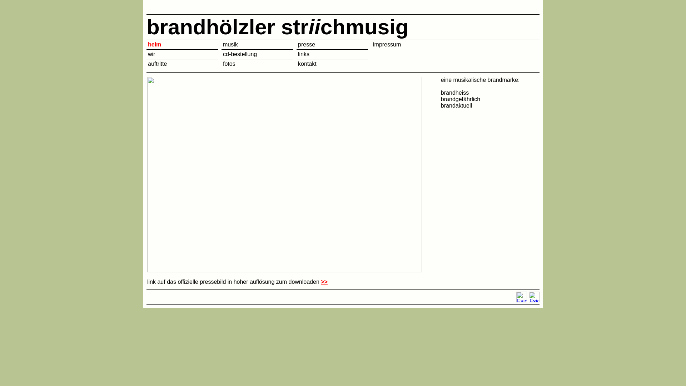 The image size is (686, 386). Describe the element at coordinates (240, 54) in the screenshot. I see `'cd-bestellung'` at that location.